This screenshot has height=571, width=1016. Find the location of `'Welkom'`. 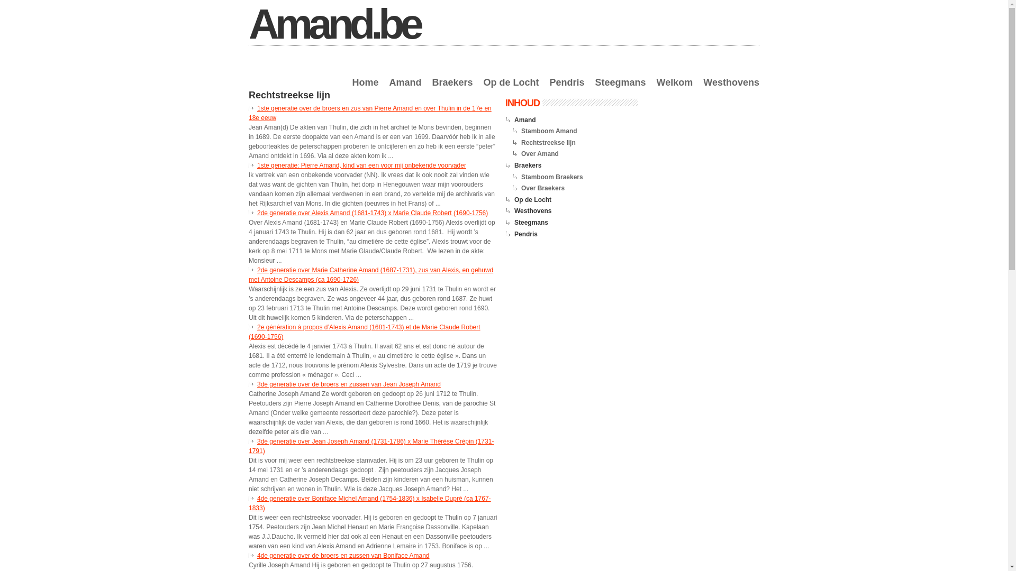

'Welkom' is located at coordinates (674, 88).